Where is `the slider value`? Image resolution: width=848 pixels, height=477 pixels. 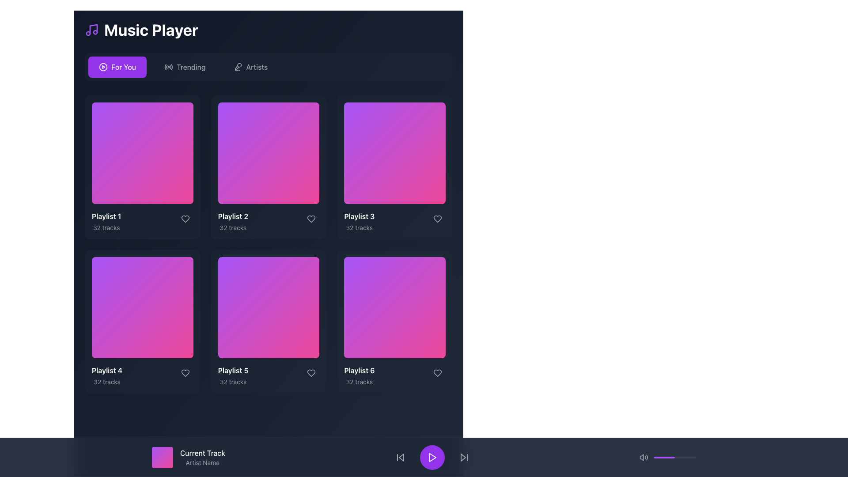 the slider value is located at coordinates (666, 457).